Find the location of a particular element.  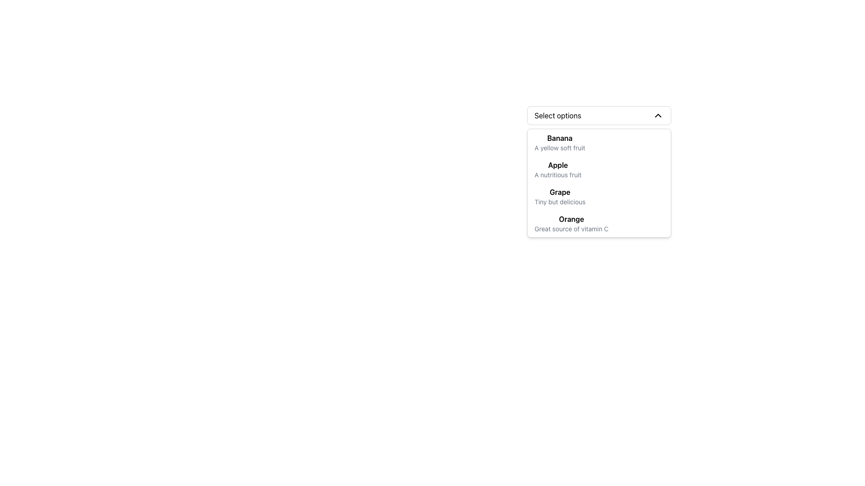

bold text label displaying 'Orange' located in the fourth item of the dropdown menu, positioned above the text 'Great source of vitamin C' is located at coordinates (571, 219).